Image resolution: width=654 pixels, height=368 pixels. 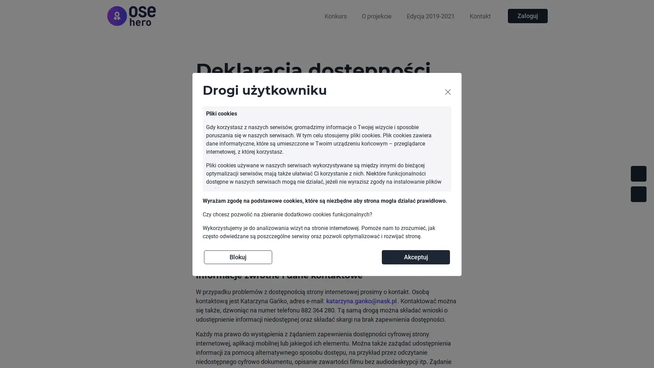 I want to click on Zaloguj, so click(x=527, y=15).